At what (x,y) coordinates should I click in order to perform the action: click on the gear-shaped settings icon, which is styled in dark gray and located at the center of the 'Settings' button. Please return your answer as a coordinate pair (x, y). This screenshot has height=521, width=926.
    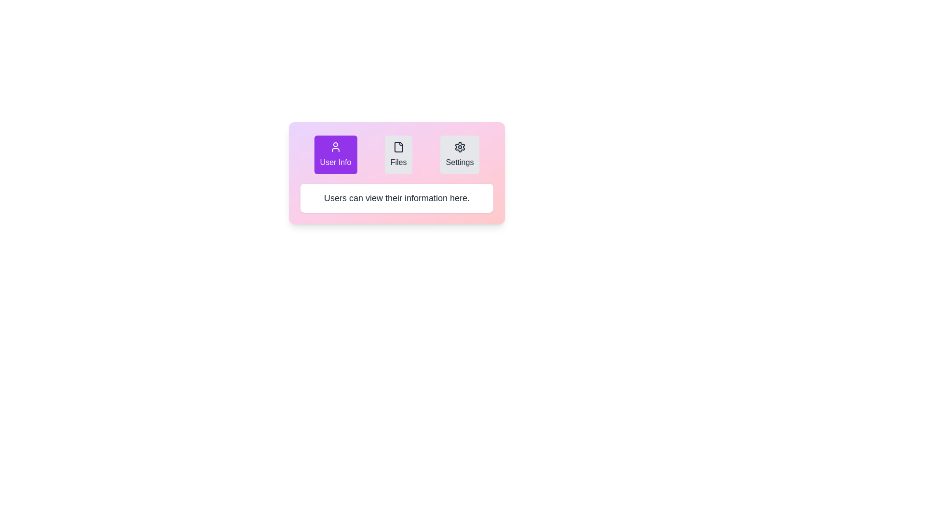
    Looking at the image, I should click on (459, 147).